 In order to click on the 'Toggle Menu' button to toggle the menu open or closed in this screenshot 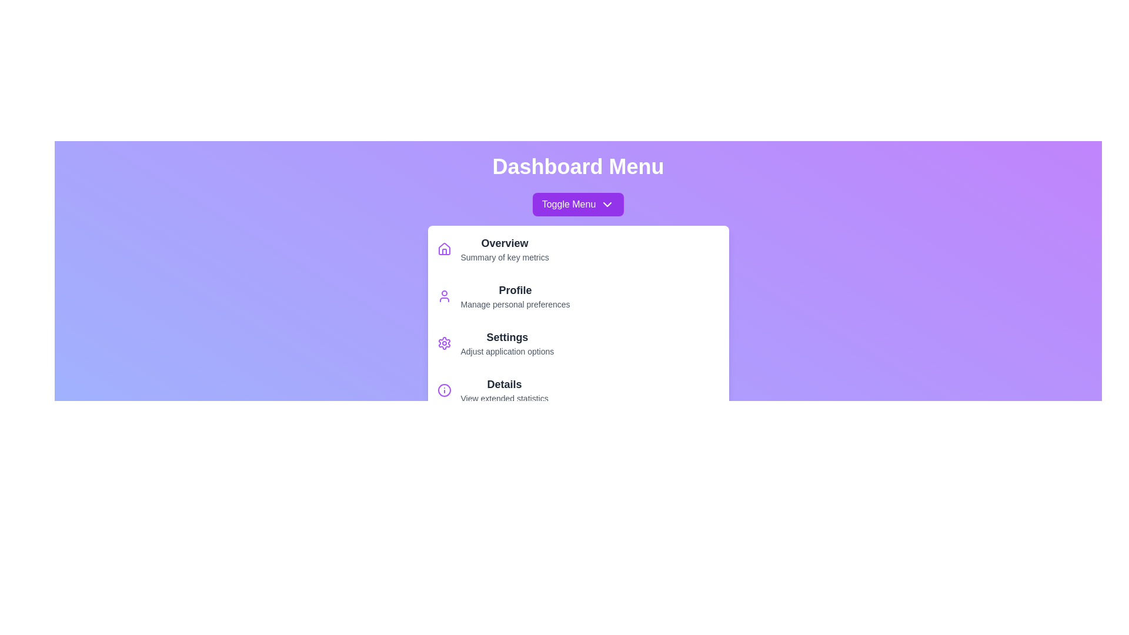, I will do `click(578, 203)`.